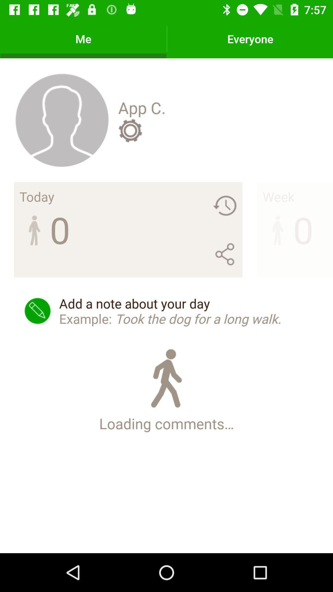 The image size is (333, 592). I want to click on the button right to me, so click(250, 38).